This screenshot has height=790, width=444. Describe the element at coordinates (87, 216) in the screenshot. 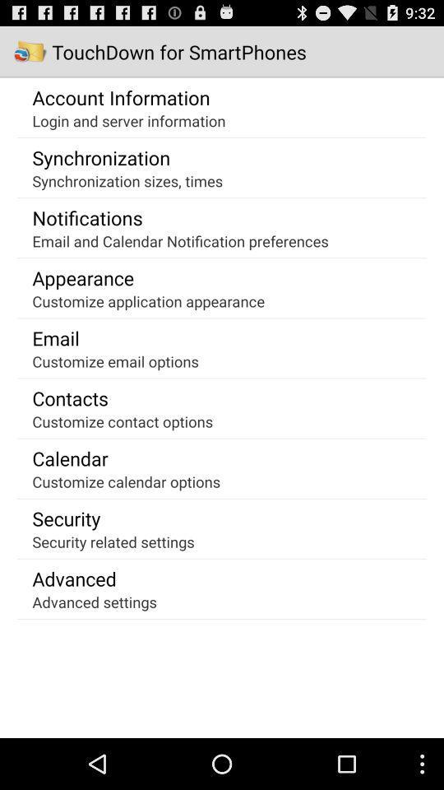

I see `the app above email and calendar icon` at that location.